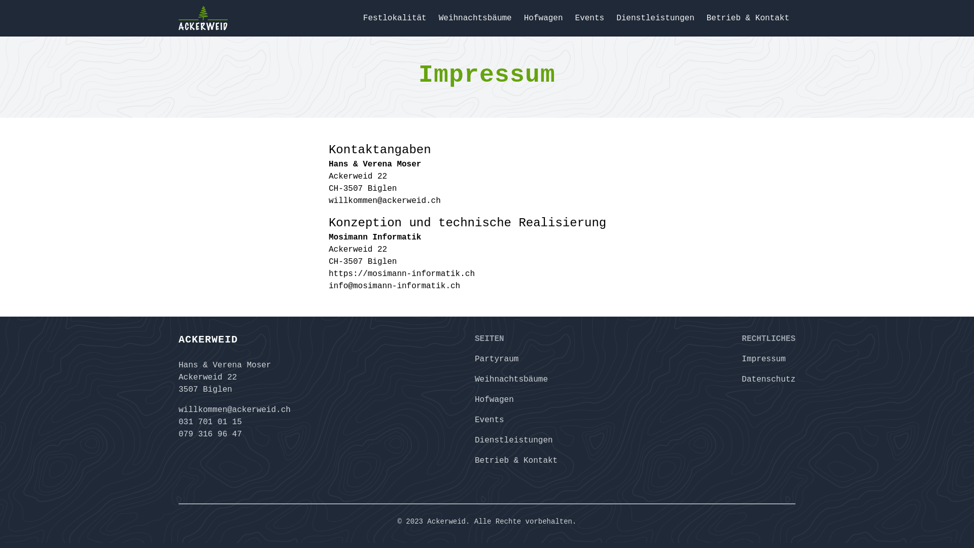 The width and height of the screenshot is (974, 548). What do you see at coordinates (178, 434) in the screenshot?
I see `'079 316 96 47'` at bounding box center [178, 434].